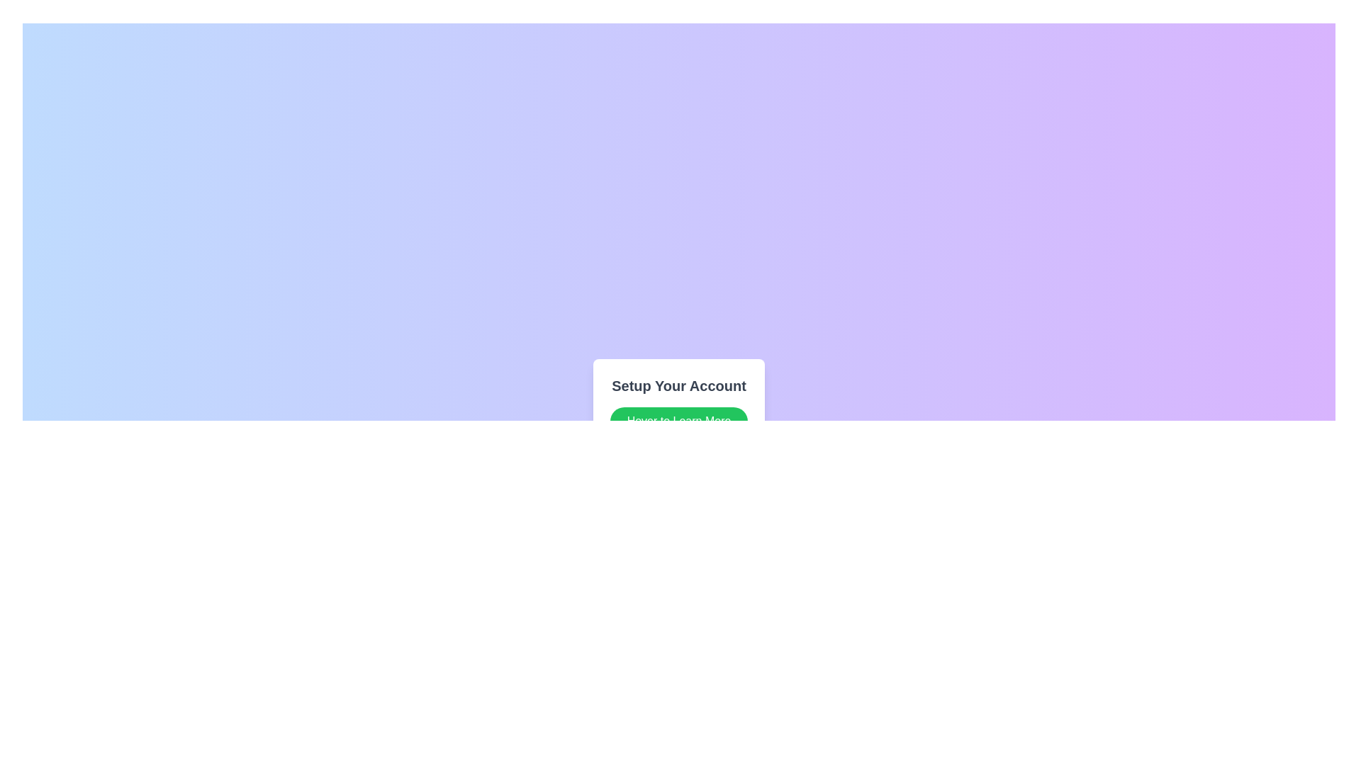 The width and height of the screenshot is (1361, 765). I want to click on the second button under the heading 'Setup Your Account' to provide additional information about the account setup process, so click(678, 406).